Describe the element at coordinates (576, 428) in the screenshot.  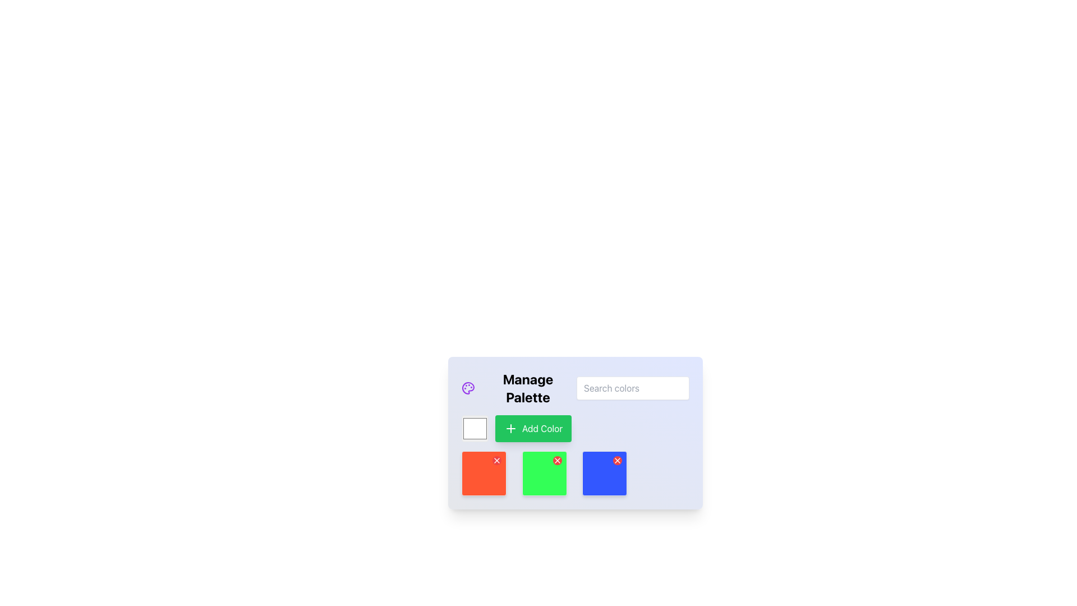
I see `the 'Add Color' button located within the 'Manage Palette' section, which is part of a Composite Element that includes a color input and a button` at that location.